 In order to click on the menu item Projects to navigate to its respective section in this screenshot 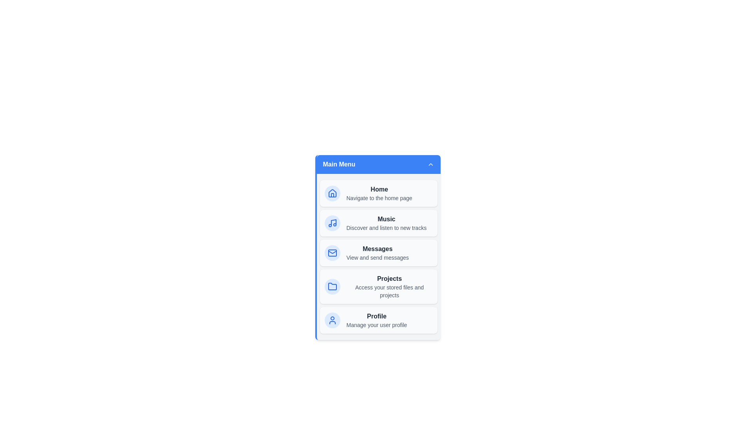, I will do `click(378, 287)`.